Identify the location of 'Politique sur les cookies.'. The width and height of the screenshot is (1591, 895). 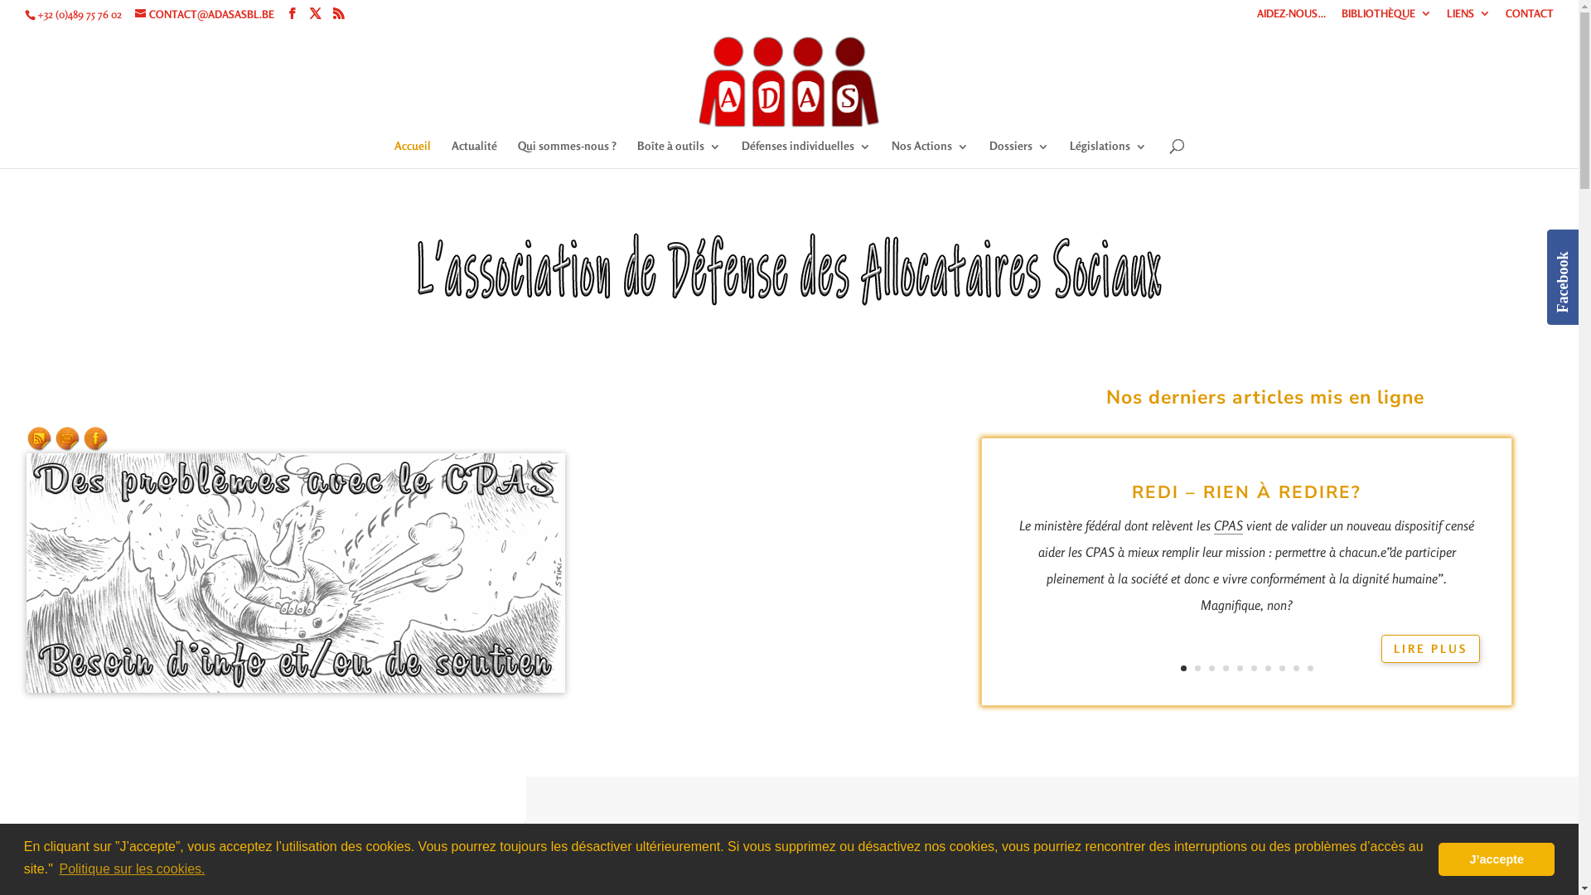
(130, 868).